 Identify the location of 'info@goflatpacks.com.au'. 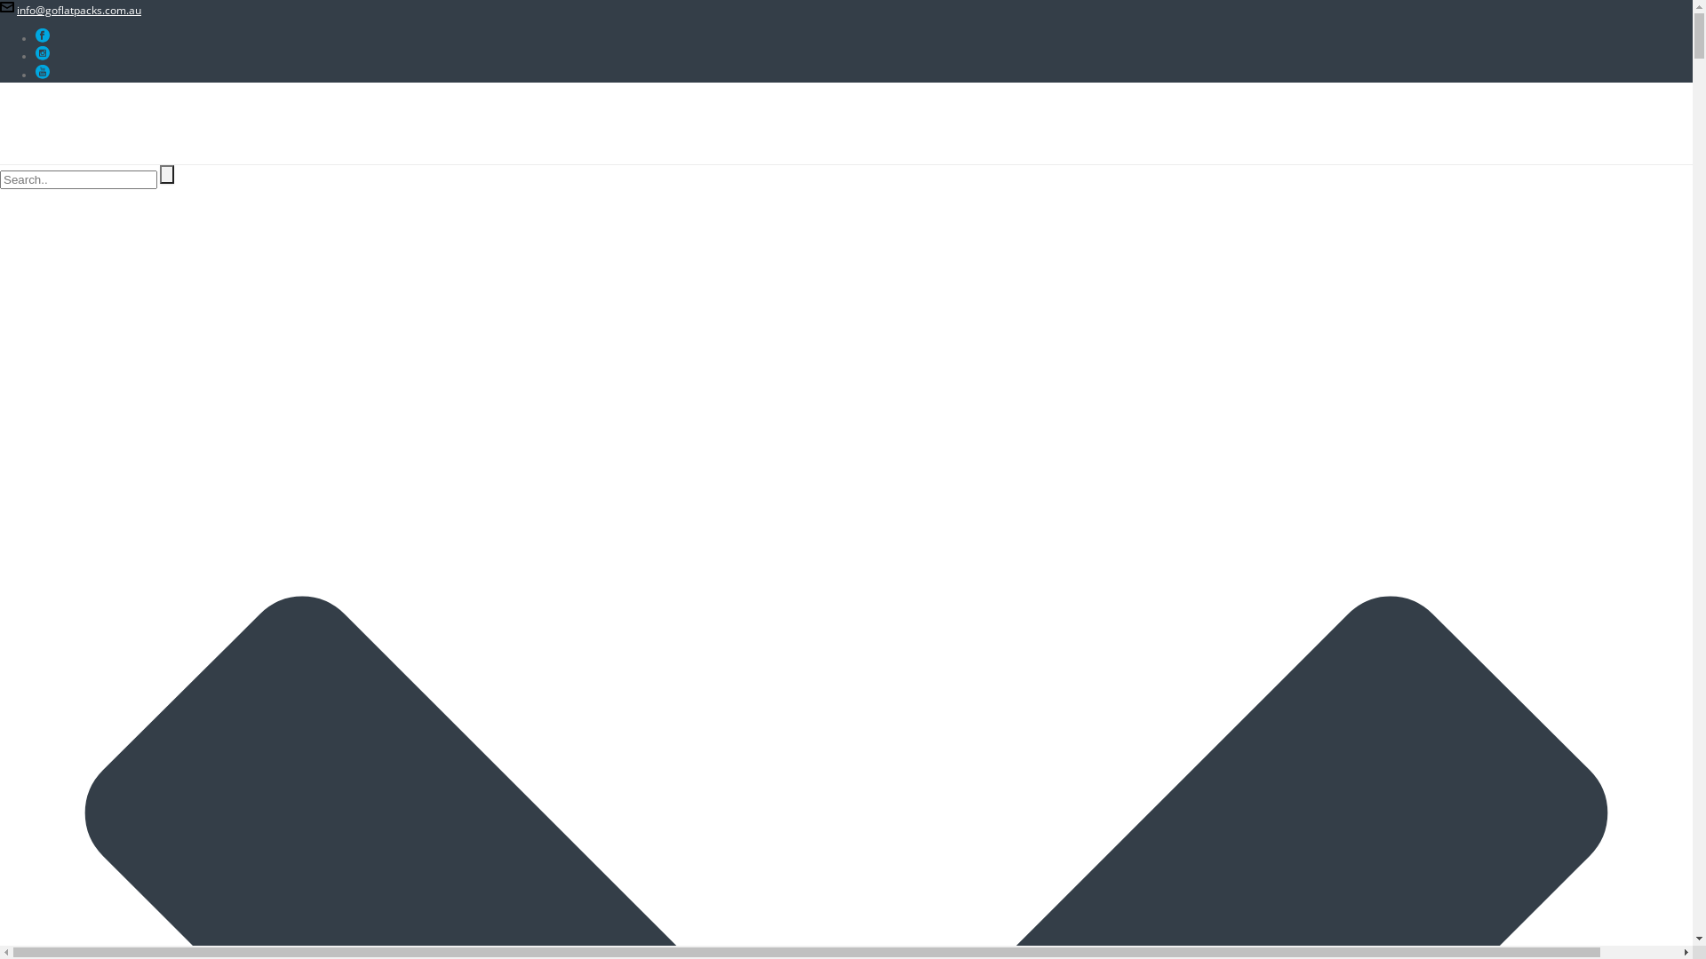
(78, 10).